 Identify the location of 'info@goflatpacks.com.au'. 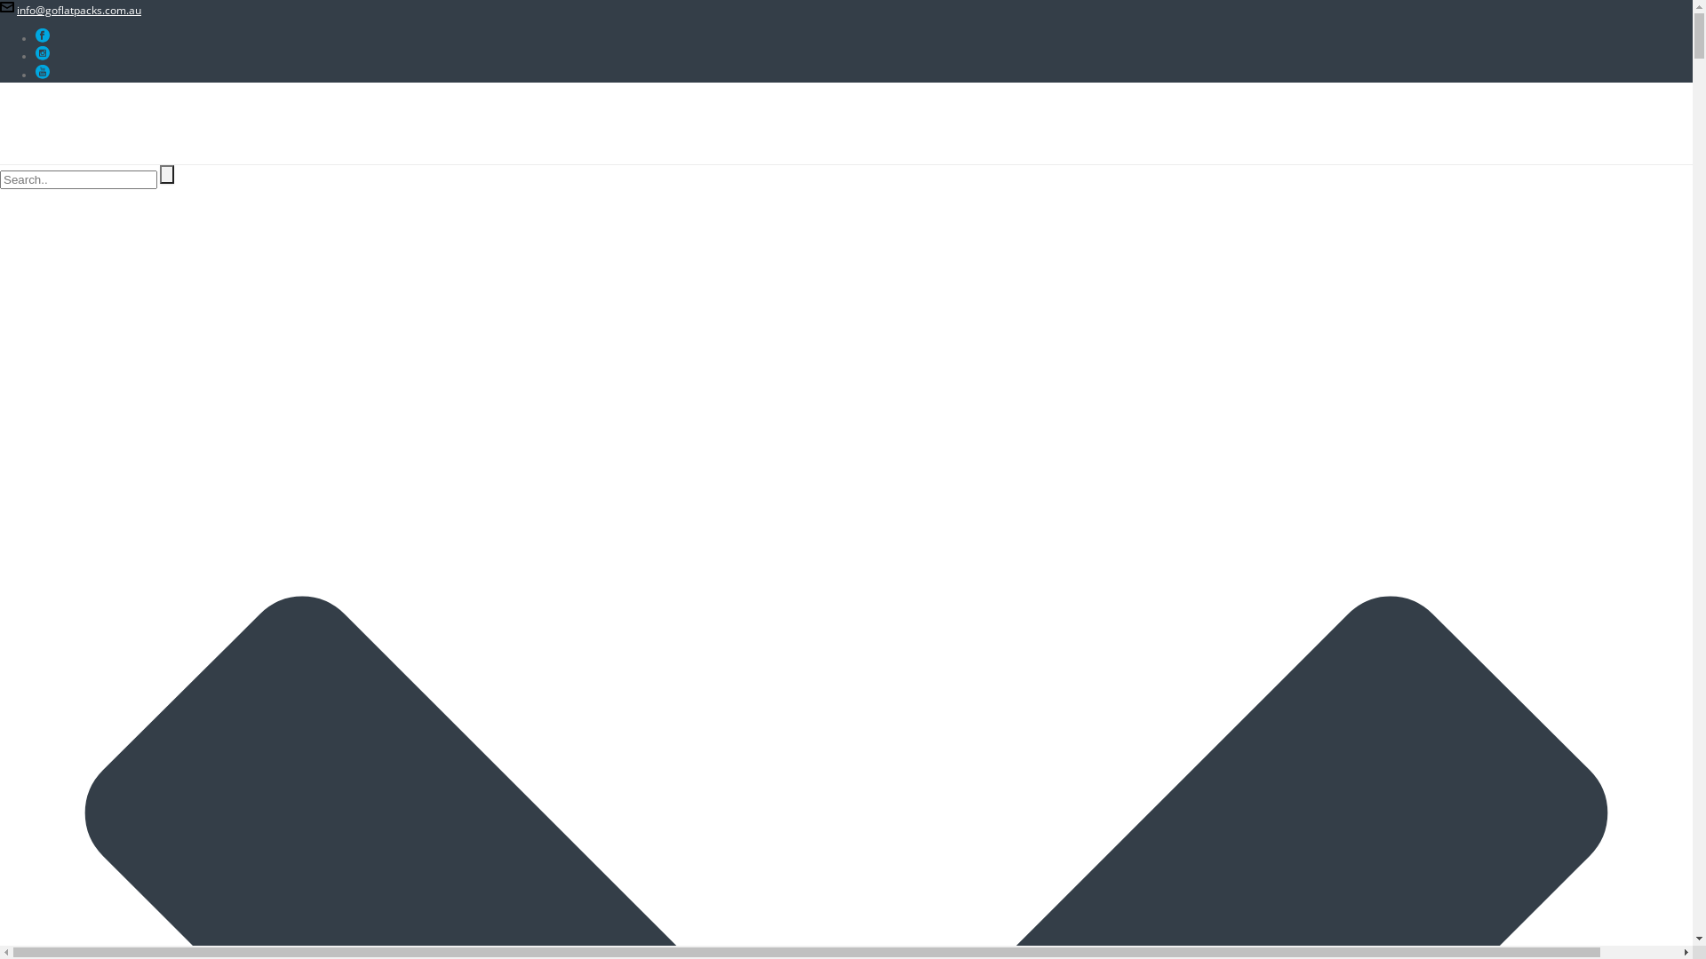
(78, 10).